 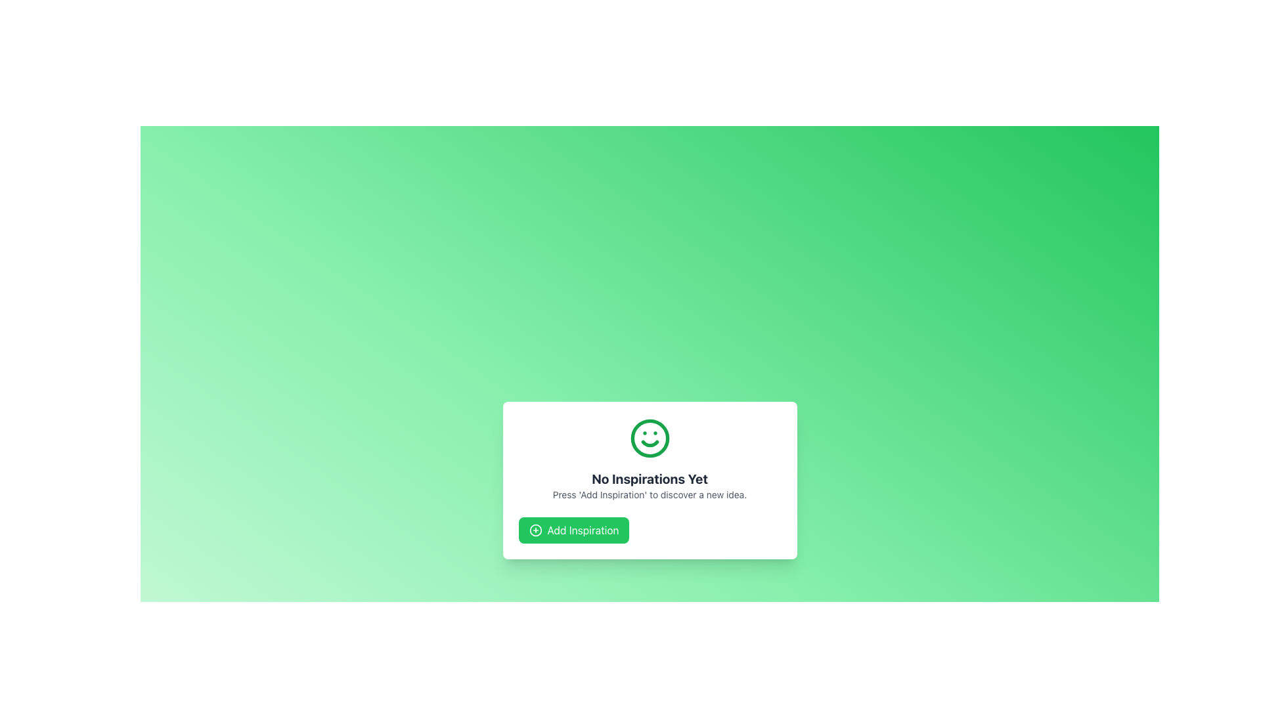 I want to click on the circular smiley face icon with green strokes, which is centrally aligned above the text 'No Inspirations Yet' in the modal, so click(x=650, y=438).